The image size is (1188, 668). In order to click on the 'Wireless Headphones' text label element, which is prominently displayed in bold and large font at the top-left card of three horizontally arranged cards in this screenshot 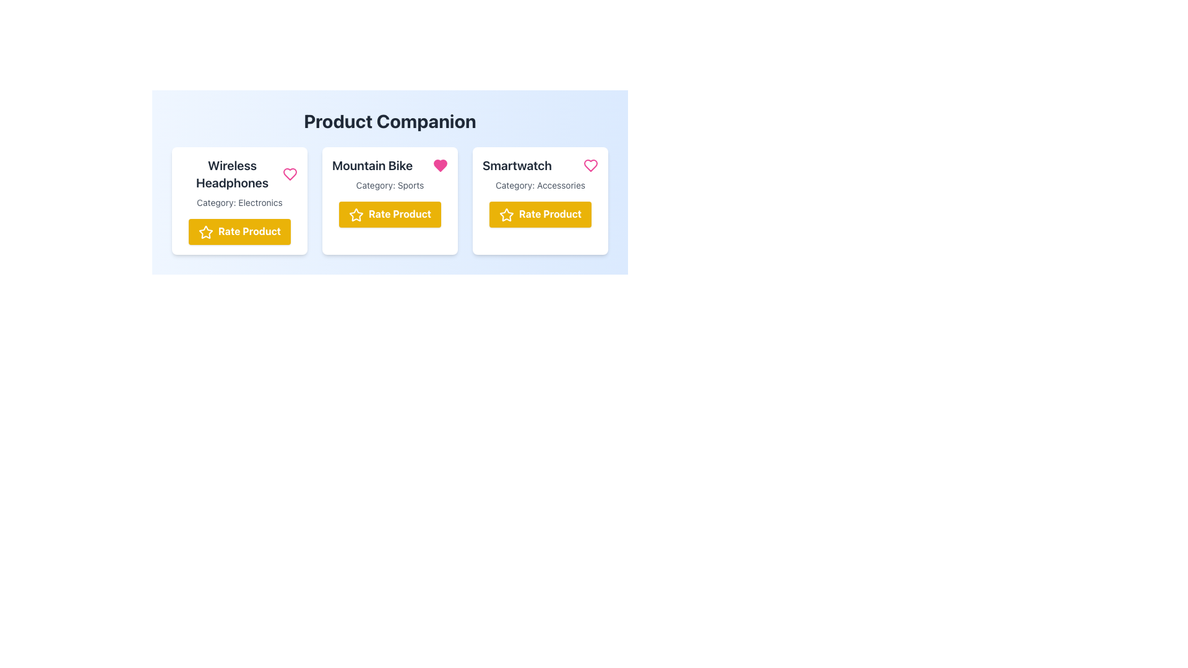, I will do `click(232, 174)`.